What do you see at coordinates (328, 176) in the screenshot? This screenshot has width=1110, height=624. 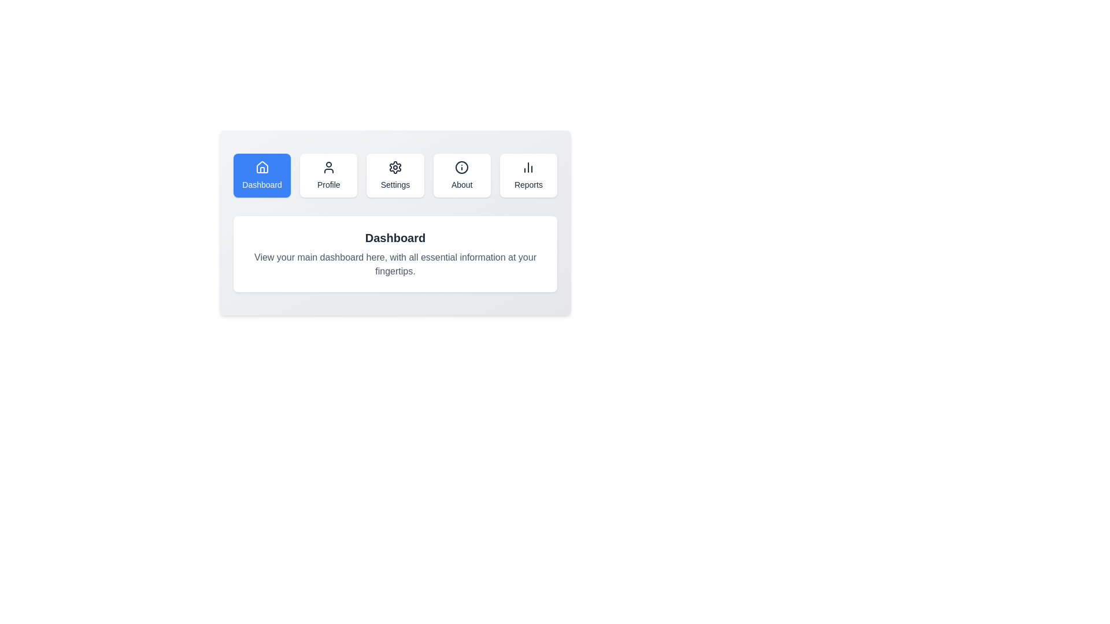 I see `the tab labeled Profile` at bounding box center [328, 176].